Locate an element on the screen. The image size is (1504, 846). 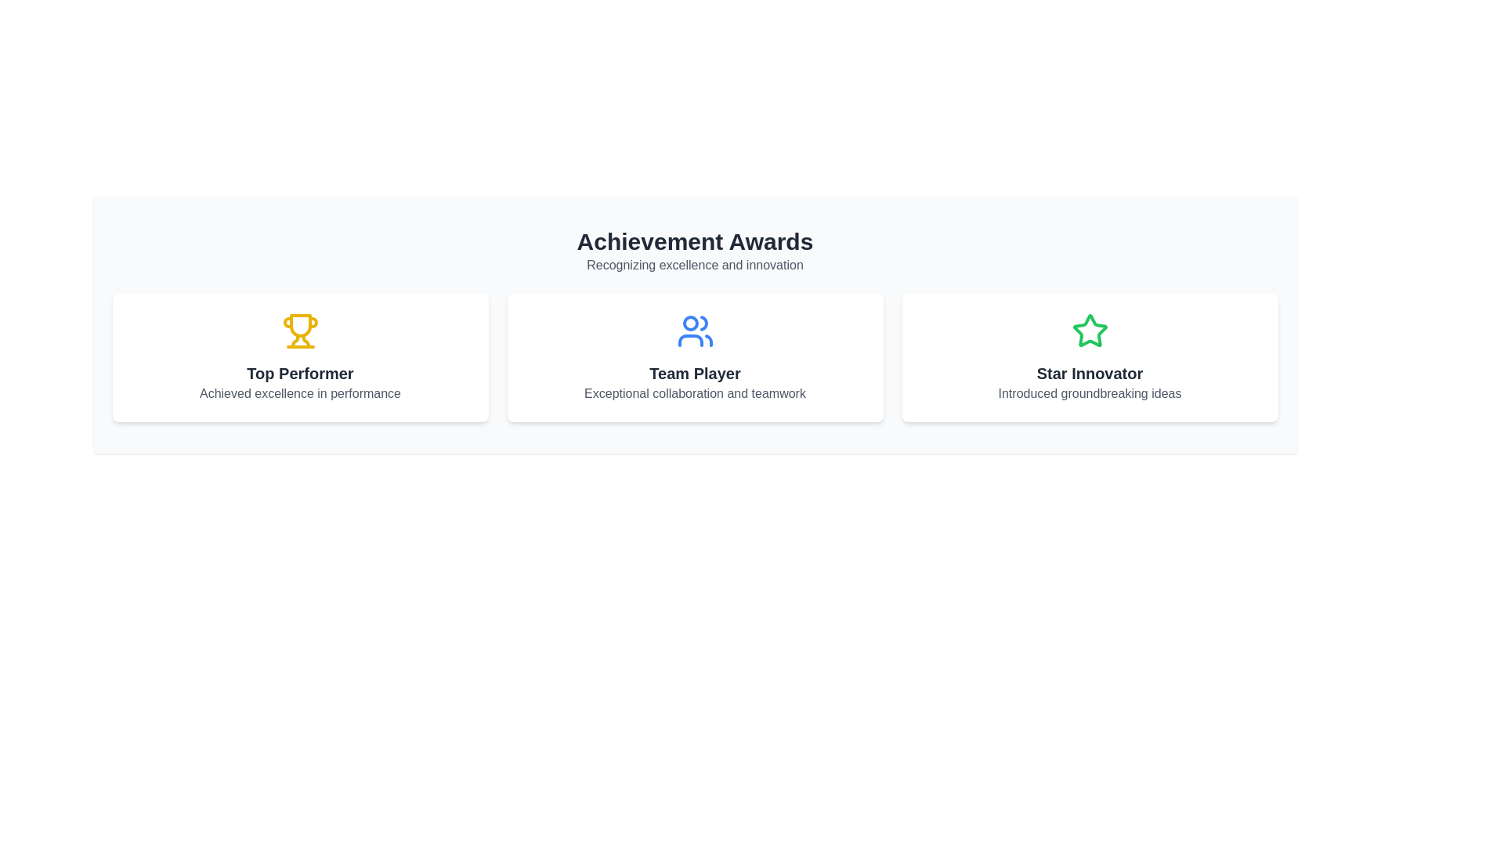
the SVG-based graphic icon representing teamwork and collaboration for the 'Team Player' award, located above the 'Team Player' label is located at coordinates (694, 331).